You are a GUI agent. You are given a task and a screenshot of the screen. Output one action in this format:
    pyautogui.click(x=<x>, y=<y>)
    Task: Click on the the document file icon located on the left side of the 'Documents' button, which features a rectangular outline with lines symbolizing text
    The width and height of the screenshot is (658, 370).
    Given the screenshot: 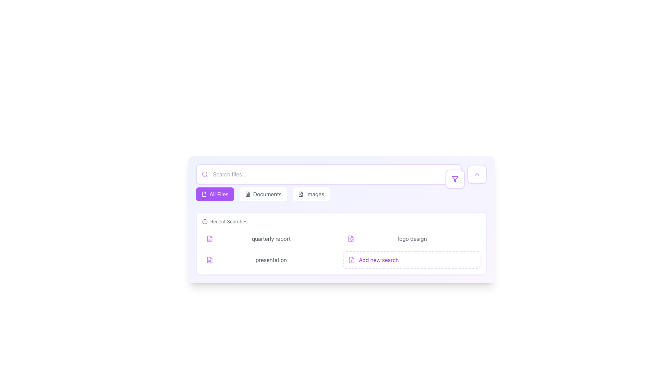 What is the action you would take?
    pyautogui.click(x=247, y=194)
    